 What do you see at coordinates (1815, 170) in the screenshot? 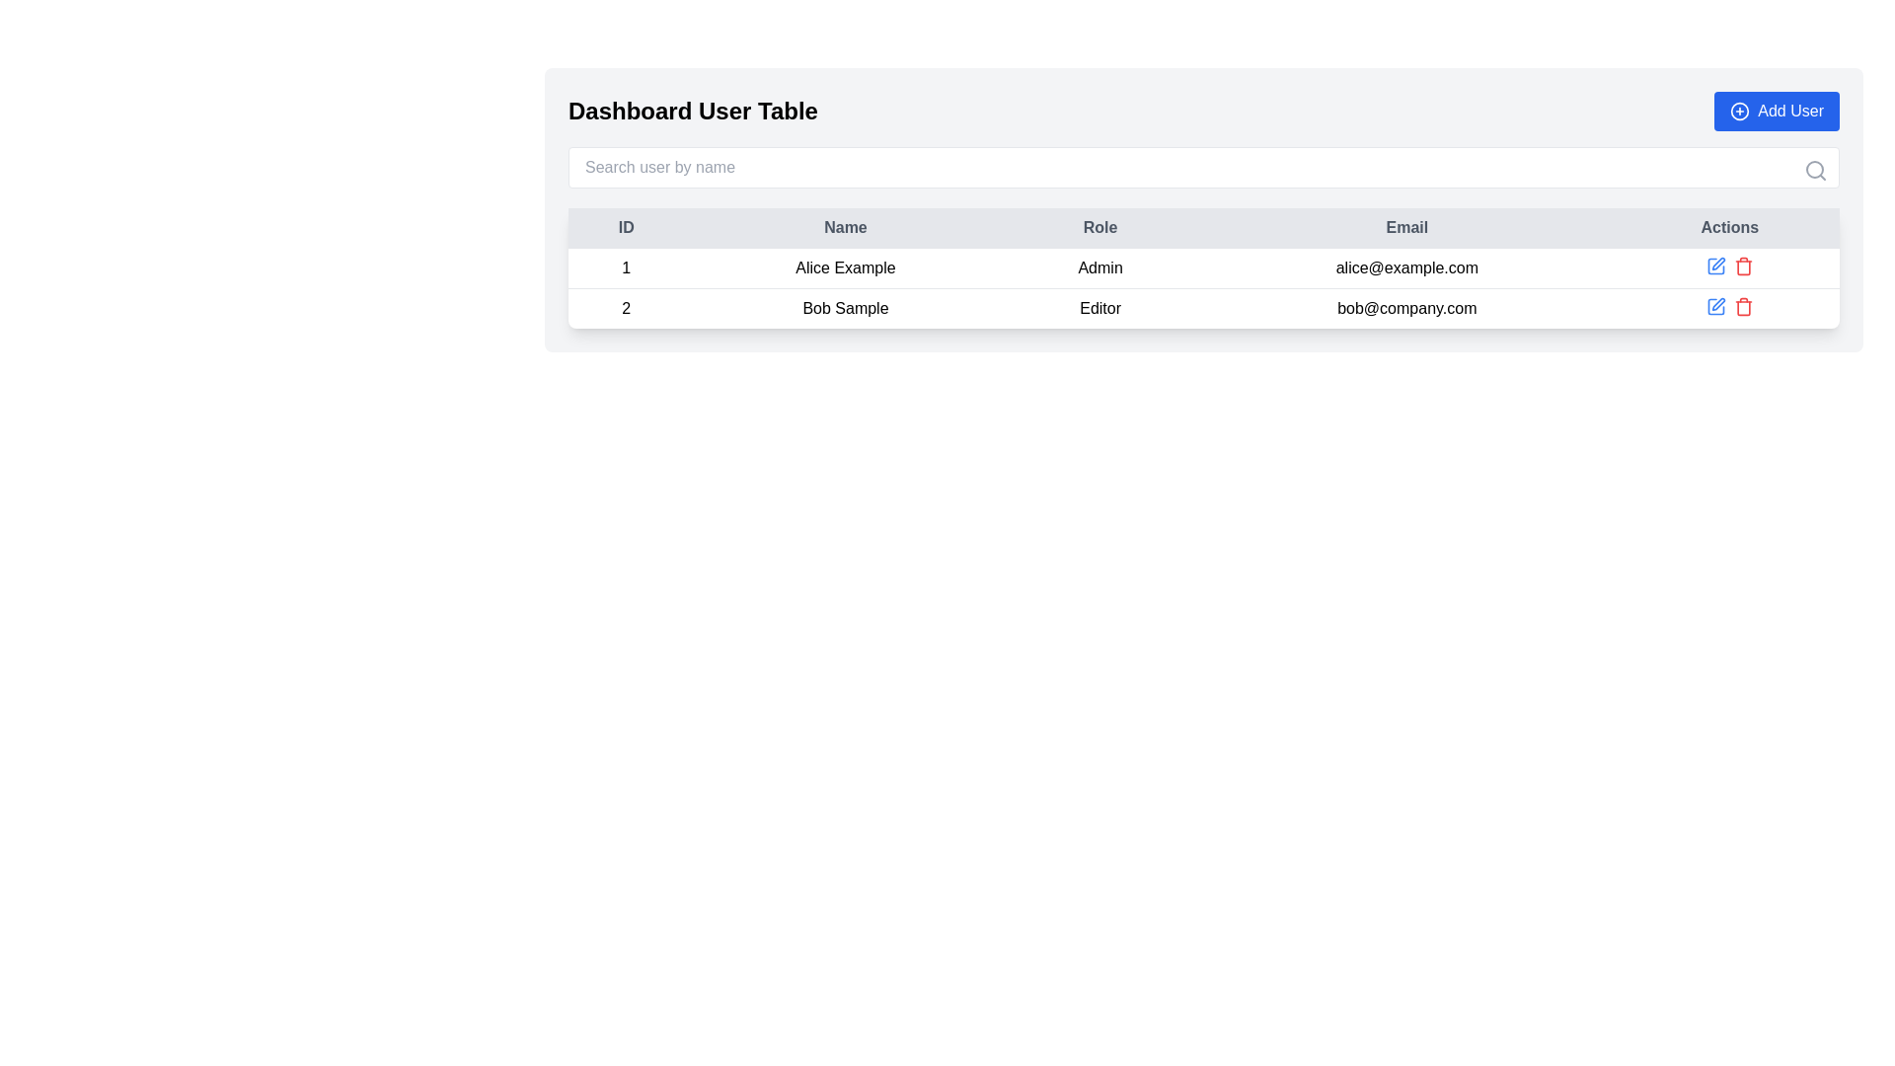
I see `the search icon located at the right end of the search bar` at bounding box center [1815, 170].